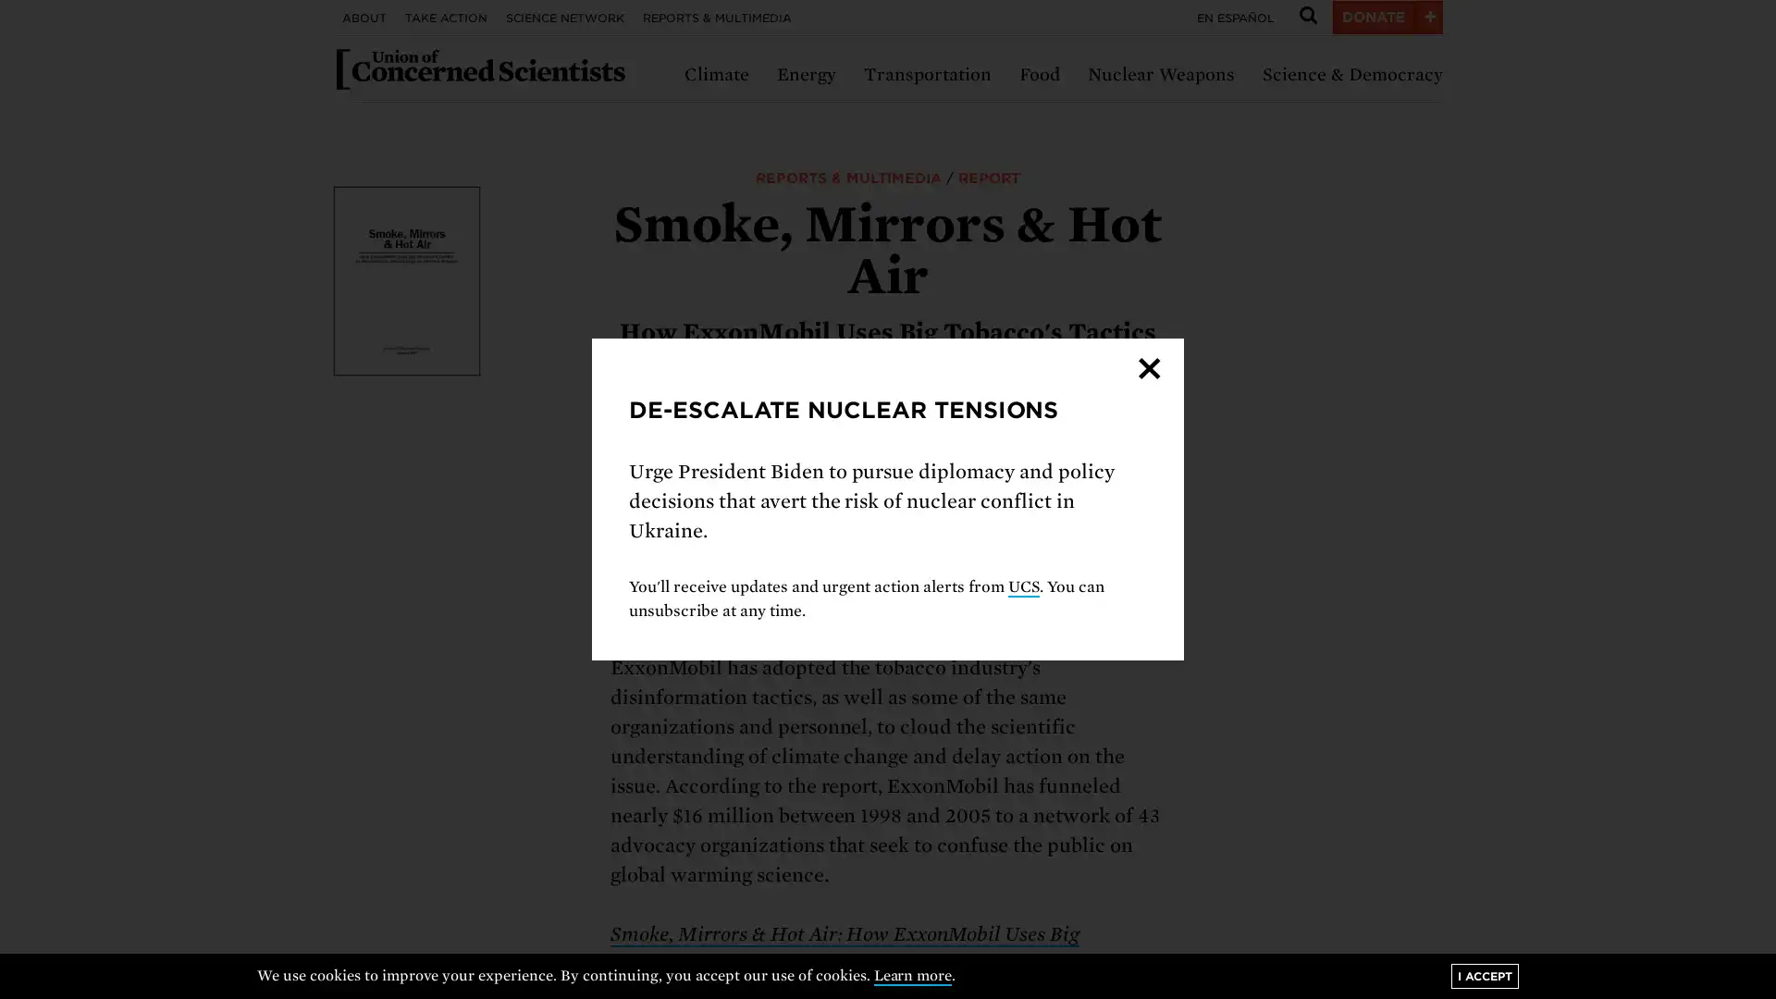 Image resolution: width=1776 pixels, height=999 pixels. Describe the element at coordinates (1428, 17) in the screenshot. I see `+` at that location.